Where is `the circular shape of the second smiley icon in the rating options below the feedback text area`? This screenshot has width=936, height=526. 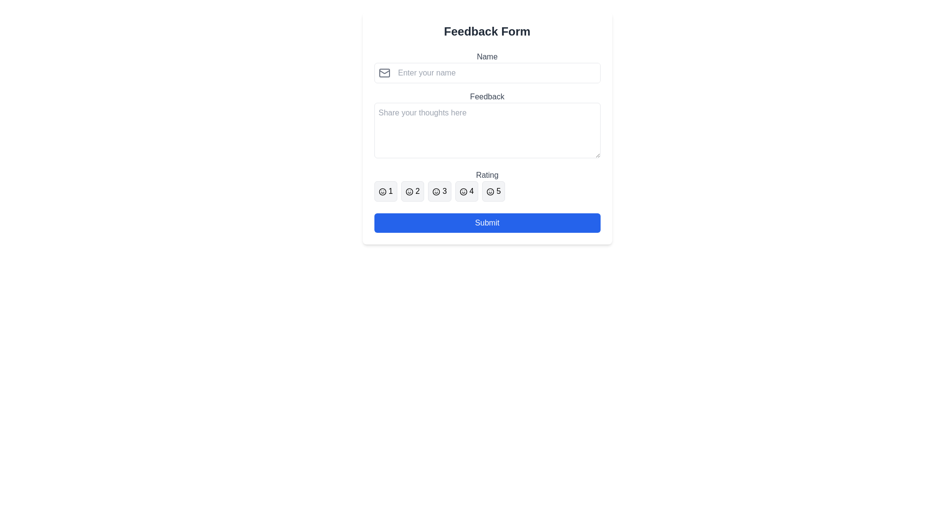
the circular shape of the second smiley icon in the rating options below the feedback text area is located at coordinates (409, 191).